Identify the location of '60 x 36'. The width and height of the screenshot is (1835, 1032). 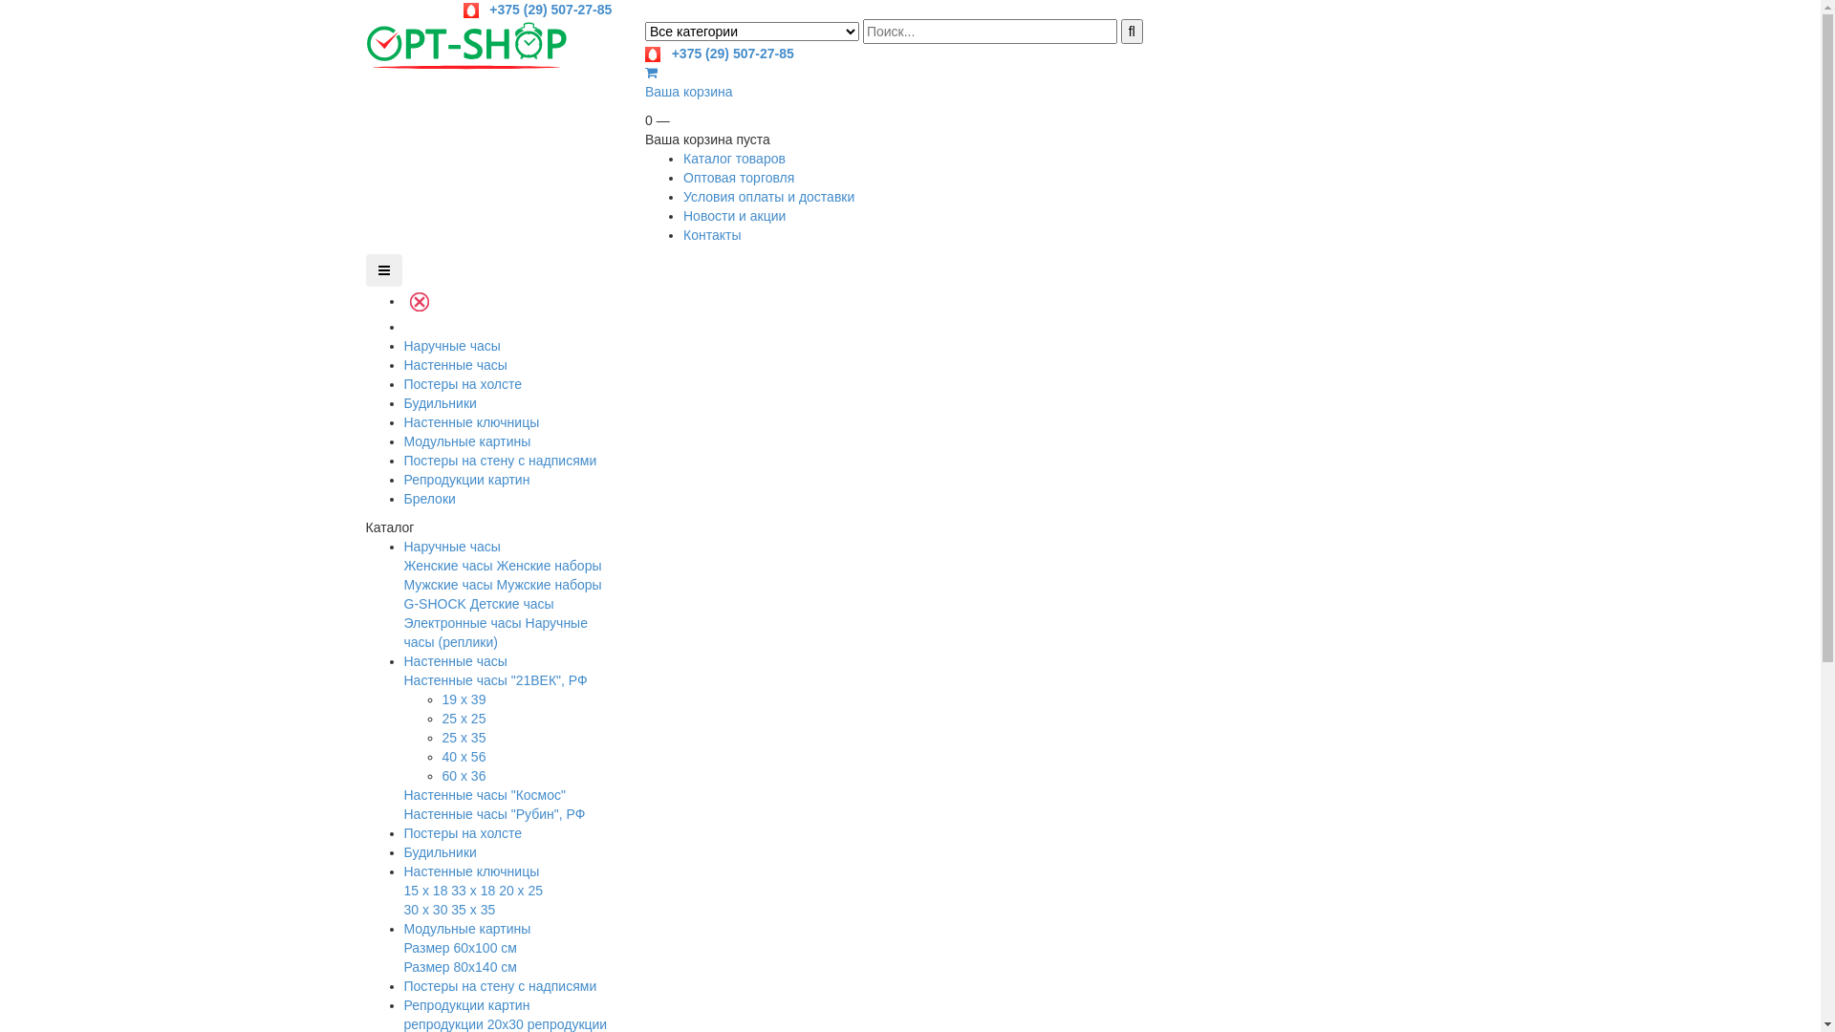
(463, 776).